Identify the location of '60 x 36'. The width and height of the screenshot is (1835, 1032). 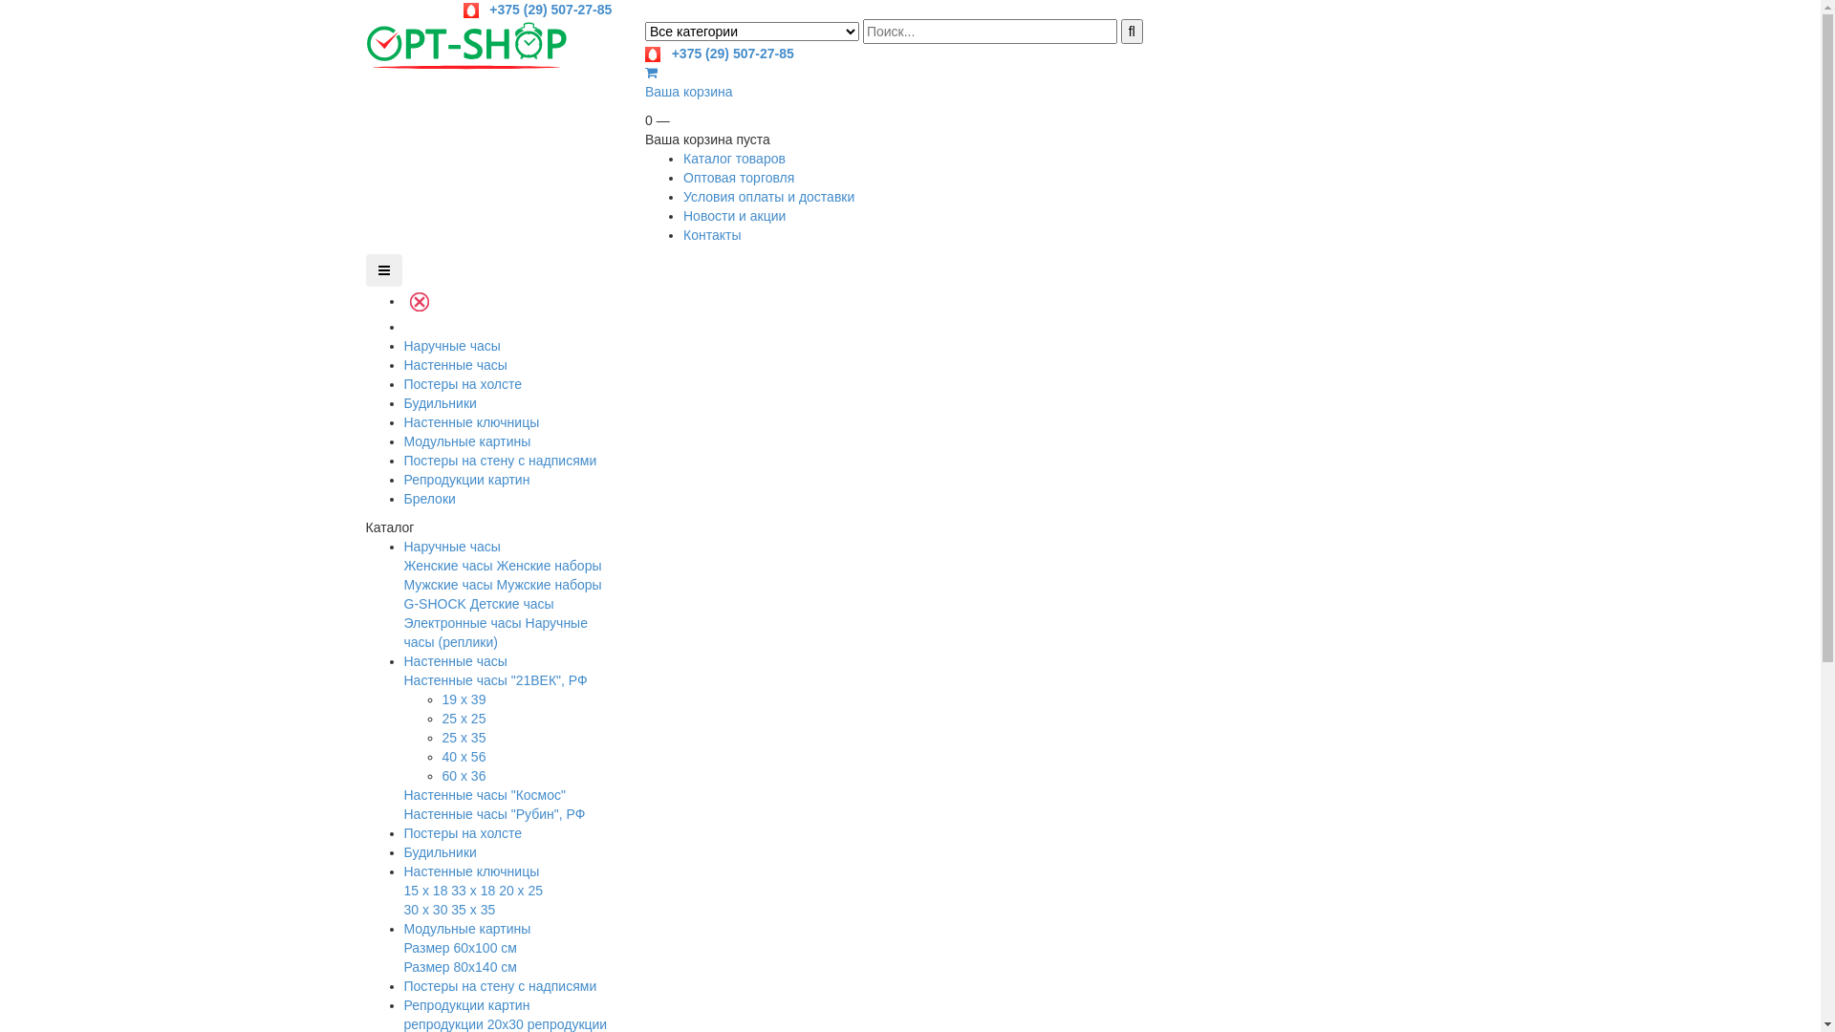
(463, 776).